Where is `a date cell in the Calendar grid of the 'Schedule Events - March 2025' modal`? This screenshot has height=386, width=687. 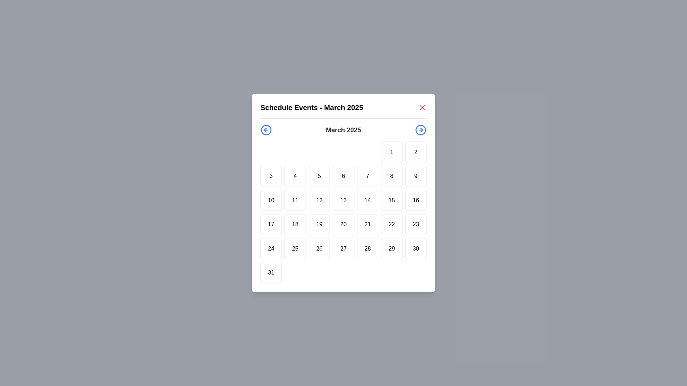
a date cell in the Calendar grid of the 'Schedule Events - March 2025' modal is located at coordinates (343, 212).